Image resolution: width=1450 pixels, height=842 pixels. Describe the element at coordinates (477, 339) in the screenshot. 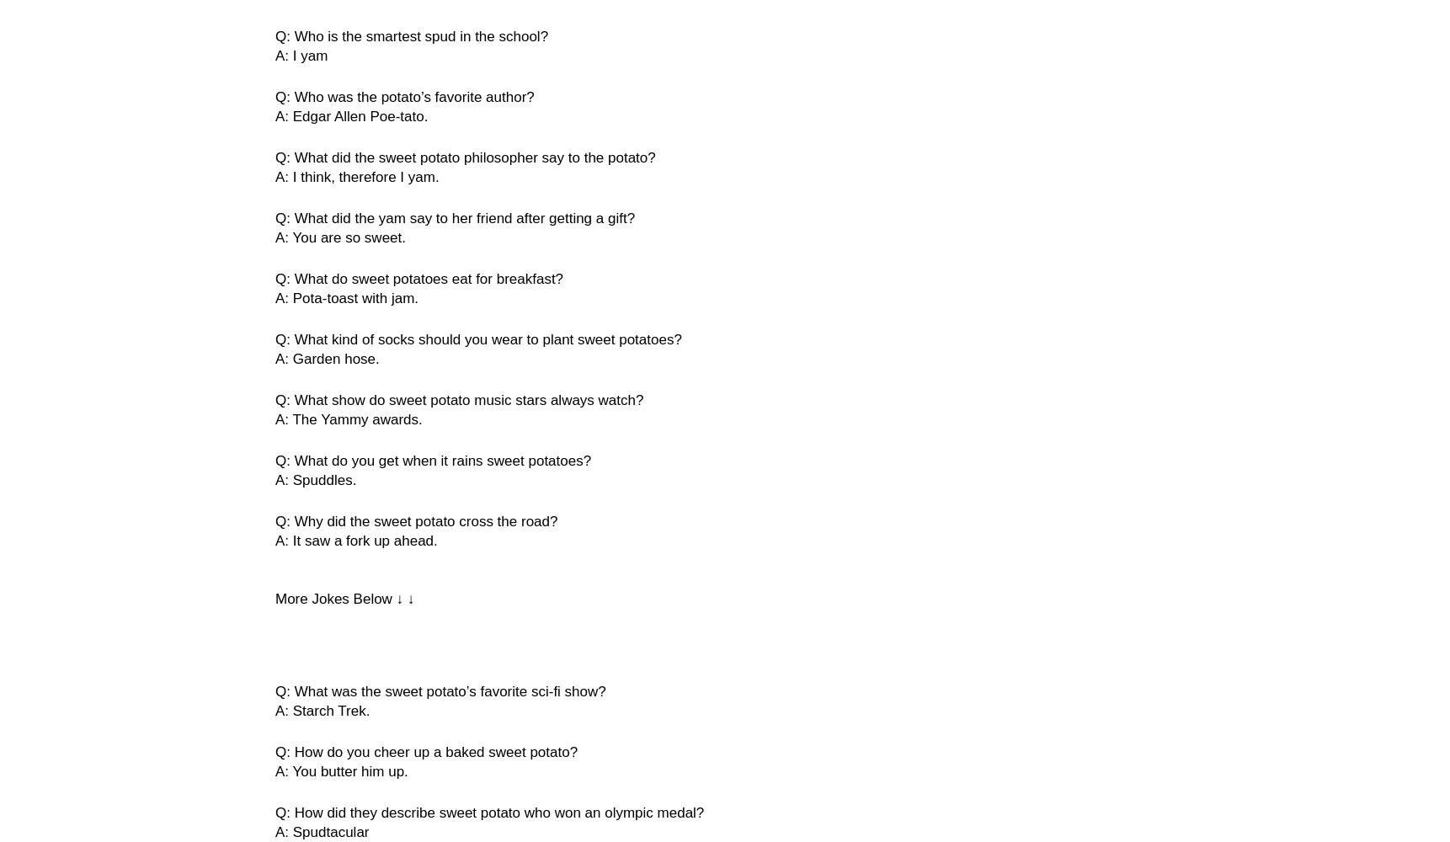

I see `'Q: What kind of socks should you wear to plant sweet potatoes?'` at that location.